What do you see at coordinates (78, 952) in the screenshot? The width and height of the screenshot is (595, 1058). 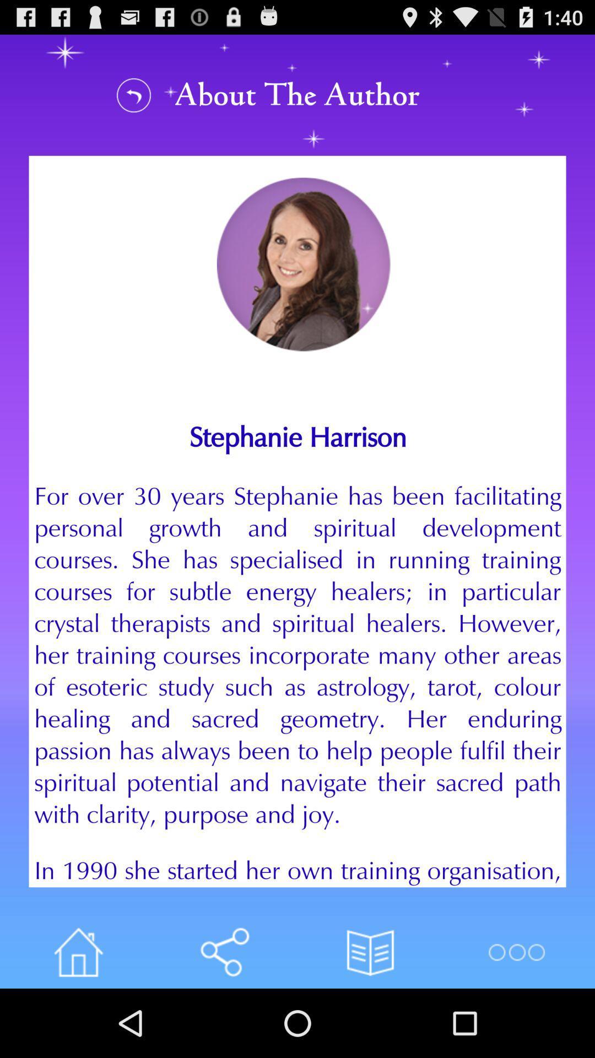 I see `apps` at bounding box center [78, 952].